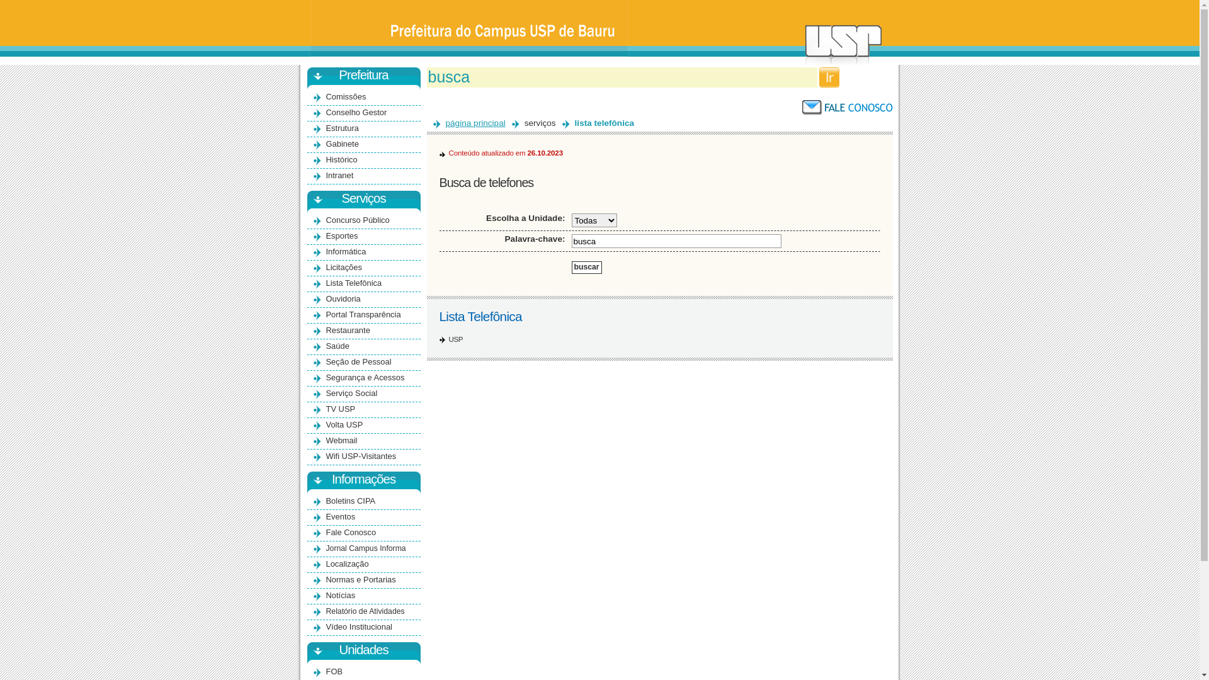 This screenshot has height=680, width=1209. What do you see at coordinates (342, 128) in the screenshot?
I see `'Estrutura'` at bounding box center [342, 128].